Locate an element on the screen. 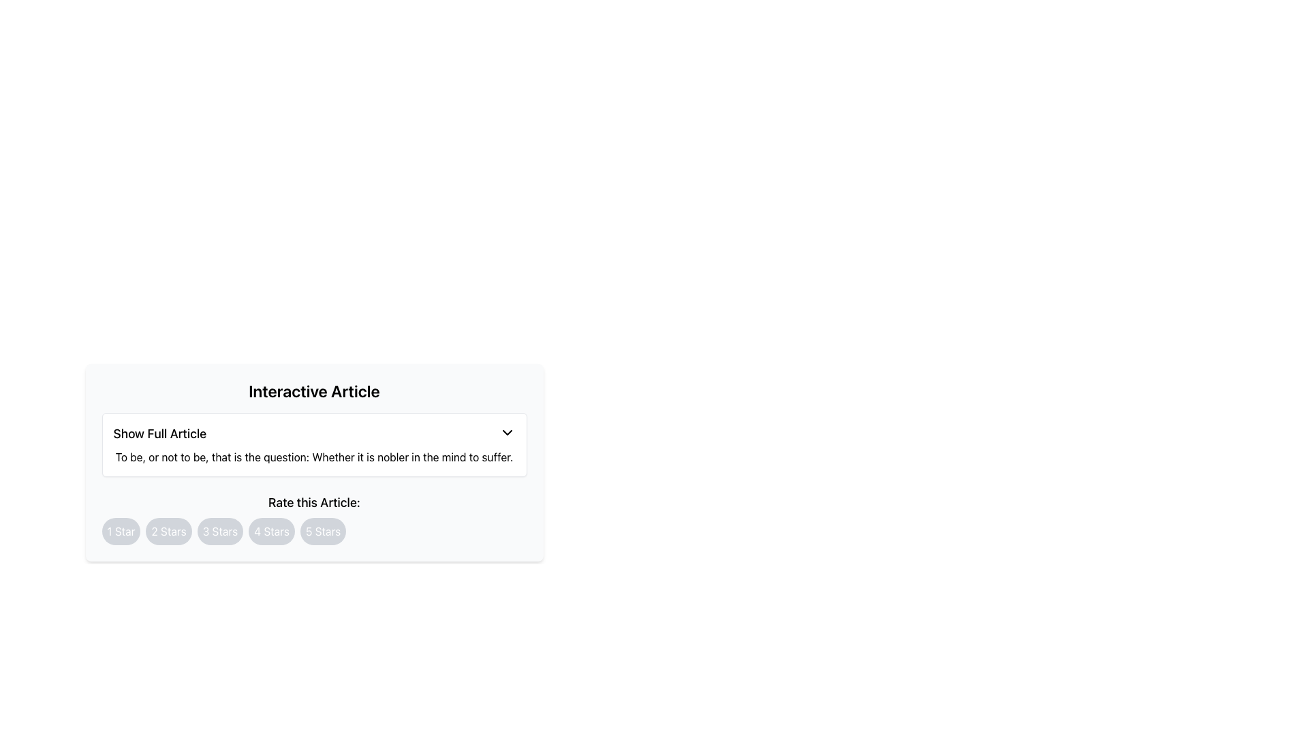  the five-star rating button located in the 'Interactive Article' section is located at coordinates (313, 519).